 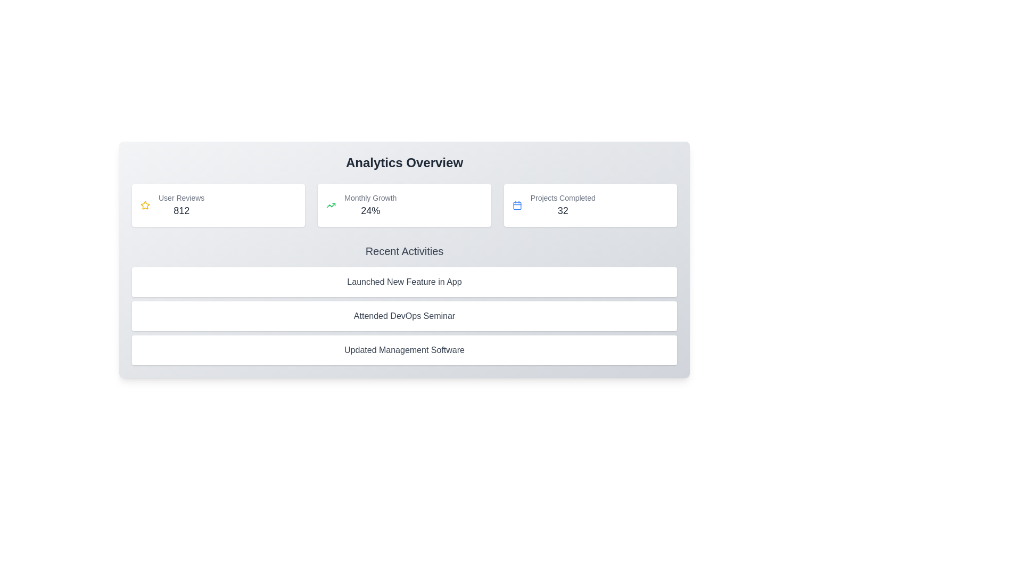 What do you see at coordinates (218, 205) in the screenshot?
I see `displayed information from the 'User Reviews' informational card, which is the leftmost card in a grid of three cards, showing the number '812' in a larger, bold, dark gray font` at bounding box center [218, 205].